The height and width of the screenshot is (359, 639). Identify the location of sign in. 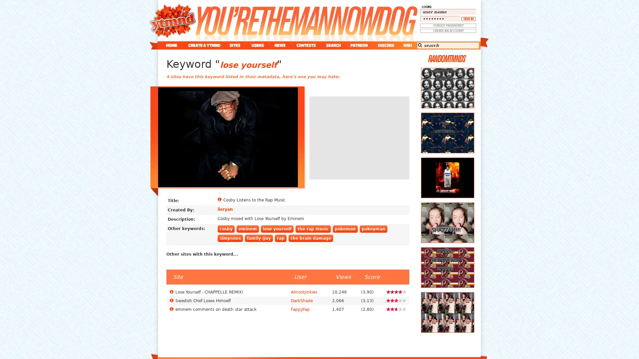
(468, 19).